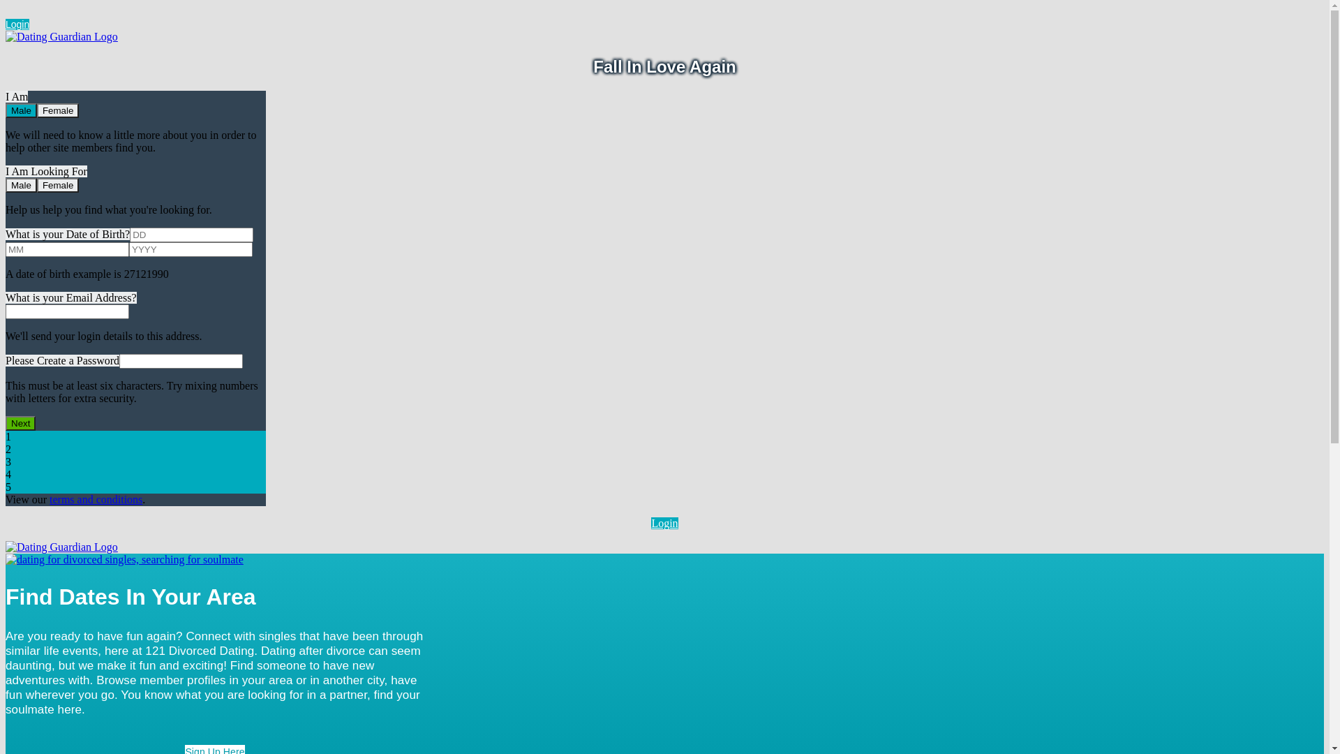 The height and width of the screenshot is (754, 1340). I want to click on 'terms and conditions', so click(95, 498).